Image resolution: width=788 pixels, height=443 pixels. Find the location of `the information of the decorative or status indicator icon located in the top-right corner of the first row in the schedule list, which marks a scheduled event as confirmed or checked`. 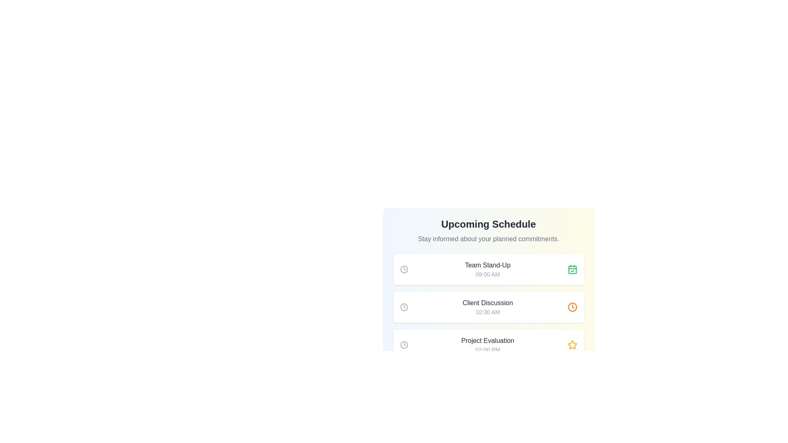

the information of the decorative or status indicator icon located in the top-right corner of the first row in the schedule list, which marks a scheduled event as confirmed or checked is located at coordinates (572, 270).